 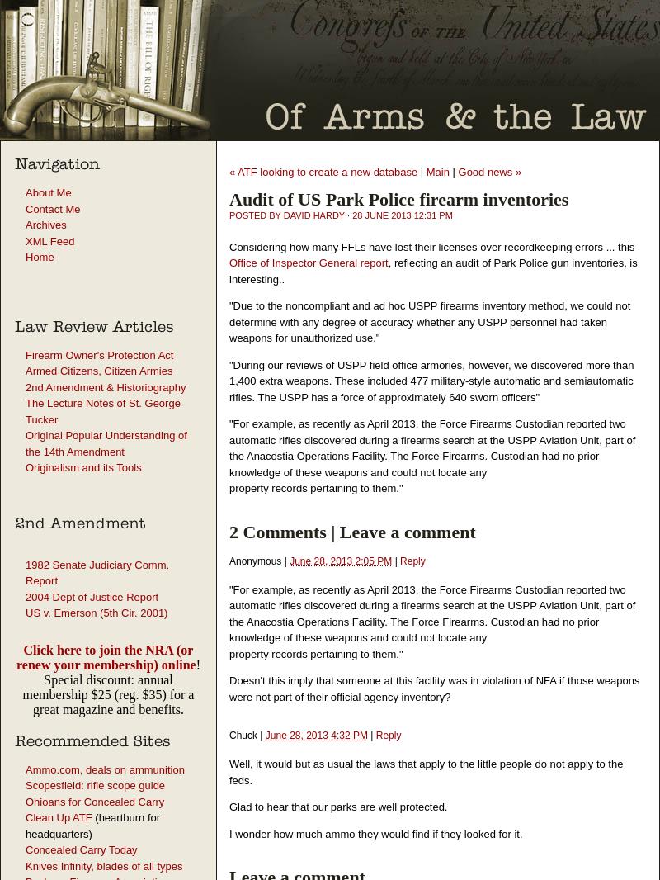 What do you see at coordinates (105, 442) in the screenshot?
I see `'Original Popular Understanding of the 14th Amendment'` at bounding box center [105, 442].